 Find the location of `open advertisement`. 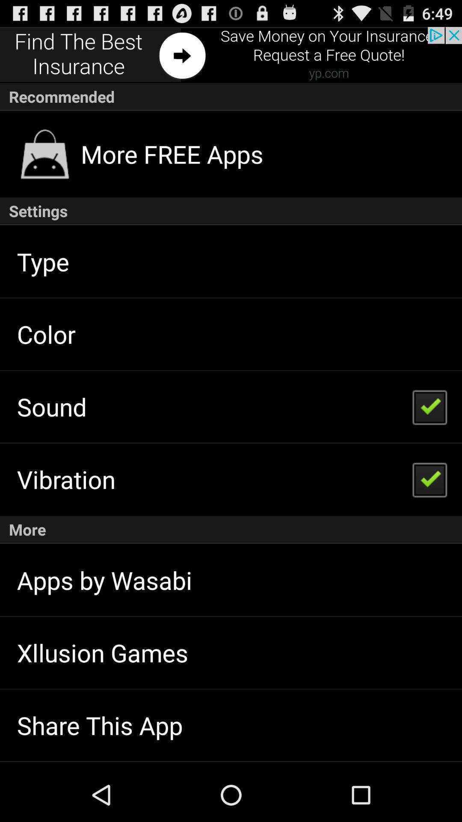

open advertisement is located at coordinates (231, 54).